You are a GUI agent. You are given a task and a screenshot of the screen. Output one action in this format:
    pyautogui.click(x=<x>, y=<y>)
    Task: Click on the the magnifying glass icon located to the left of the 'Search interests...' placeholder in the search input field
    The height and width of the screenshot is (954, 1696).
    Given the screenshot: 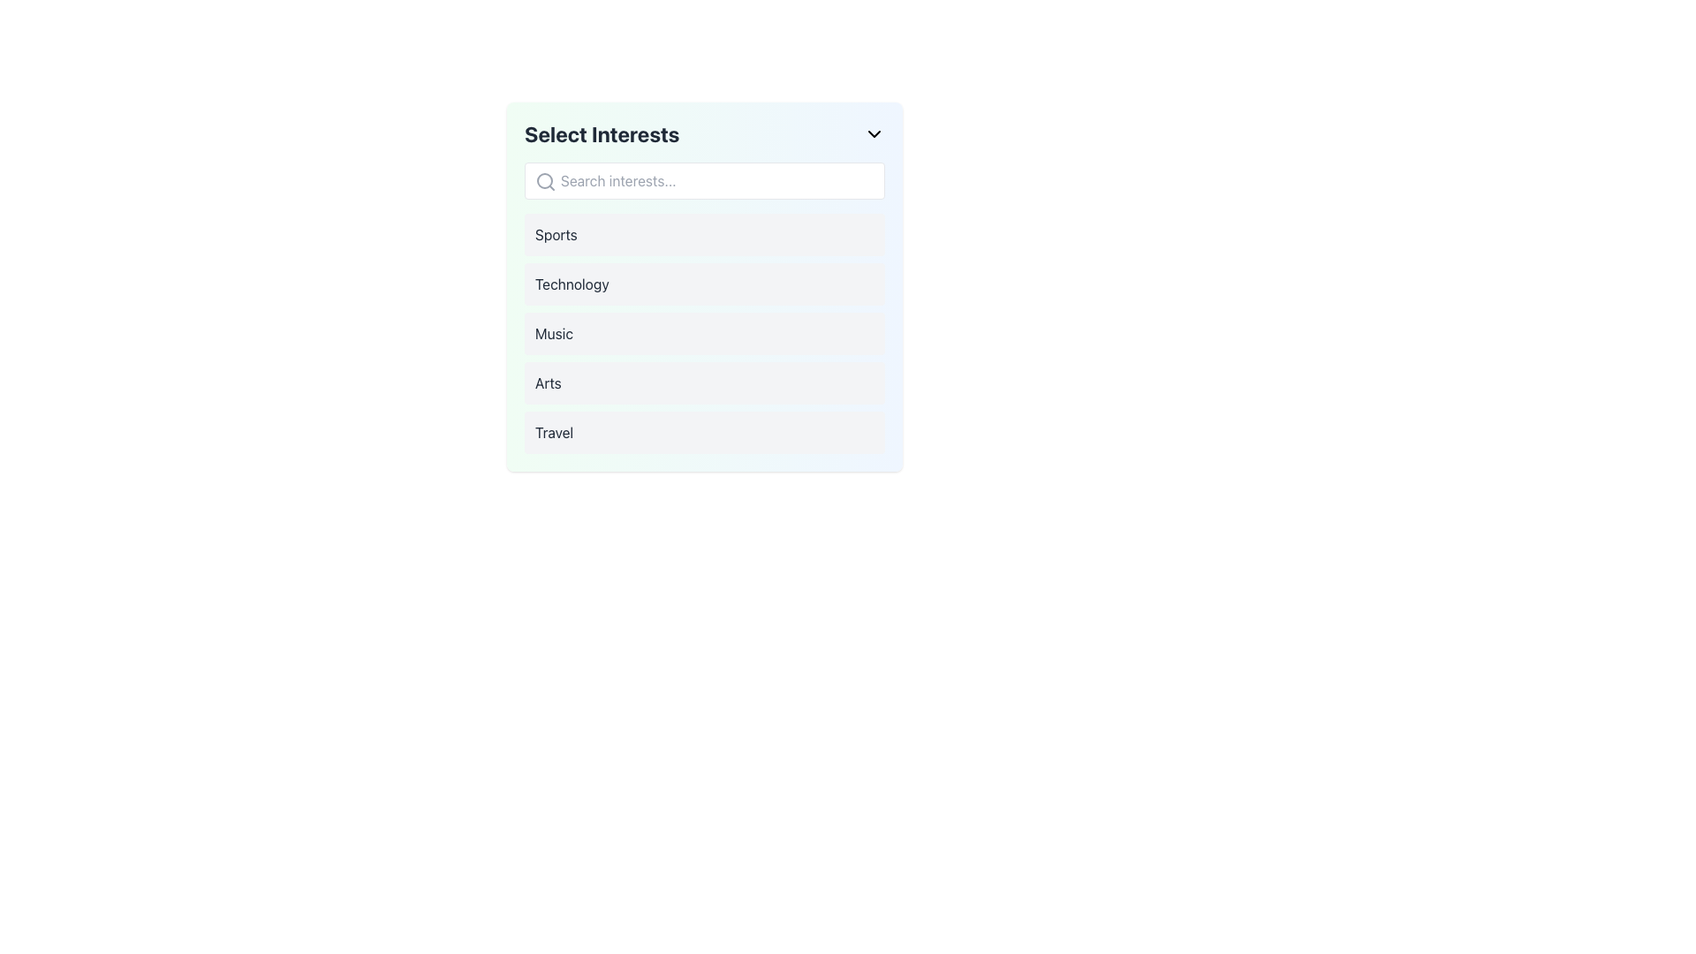 What is the action you would take?
    pyautogui.click(x=545, y=181)
    